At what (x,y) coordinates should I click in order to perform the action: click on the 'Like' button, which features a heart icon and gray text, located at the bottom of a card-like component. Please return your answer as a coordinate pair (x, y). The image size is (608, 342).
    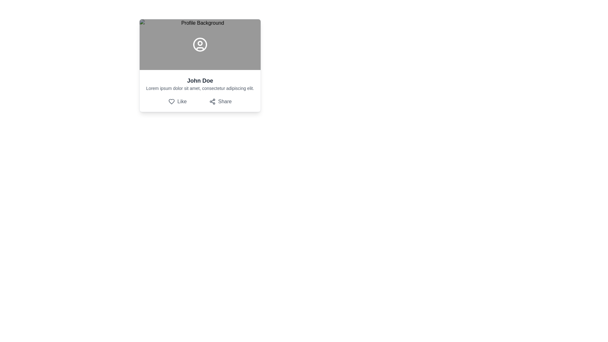
    Looking at the image, I should click on (177, 101).